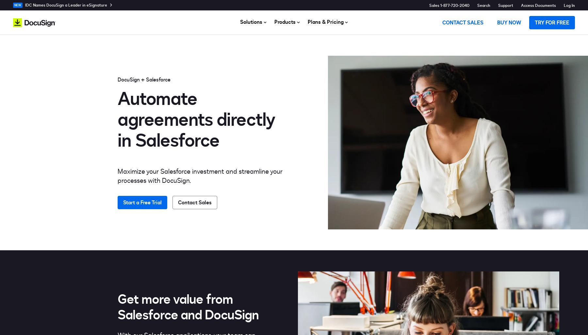 The image size is (588, 335). I want to click on 'Customer Experience', so click(233, 94).